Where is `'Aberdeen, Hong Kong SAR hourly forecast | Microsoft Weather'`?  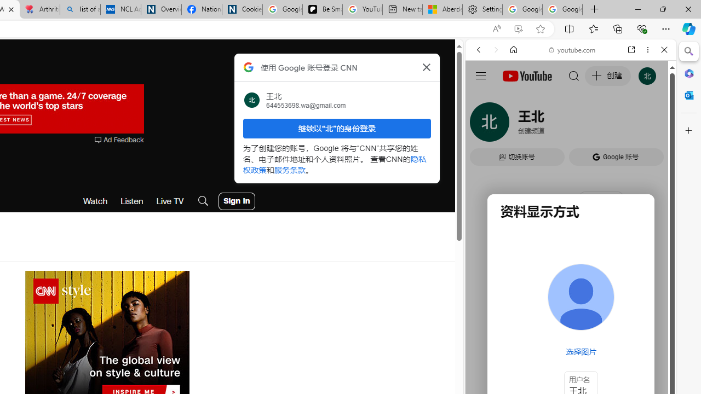
'Aberdeen, Hong Kong SAR hourly forecast | Microsoft Weather' is located at coordinates (442, 9).